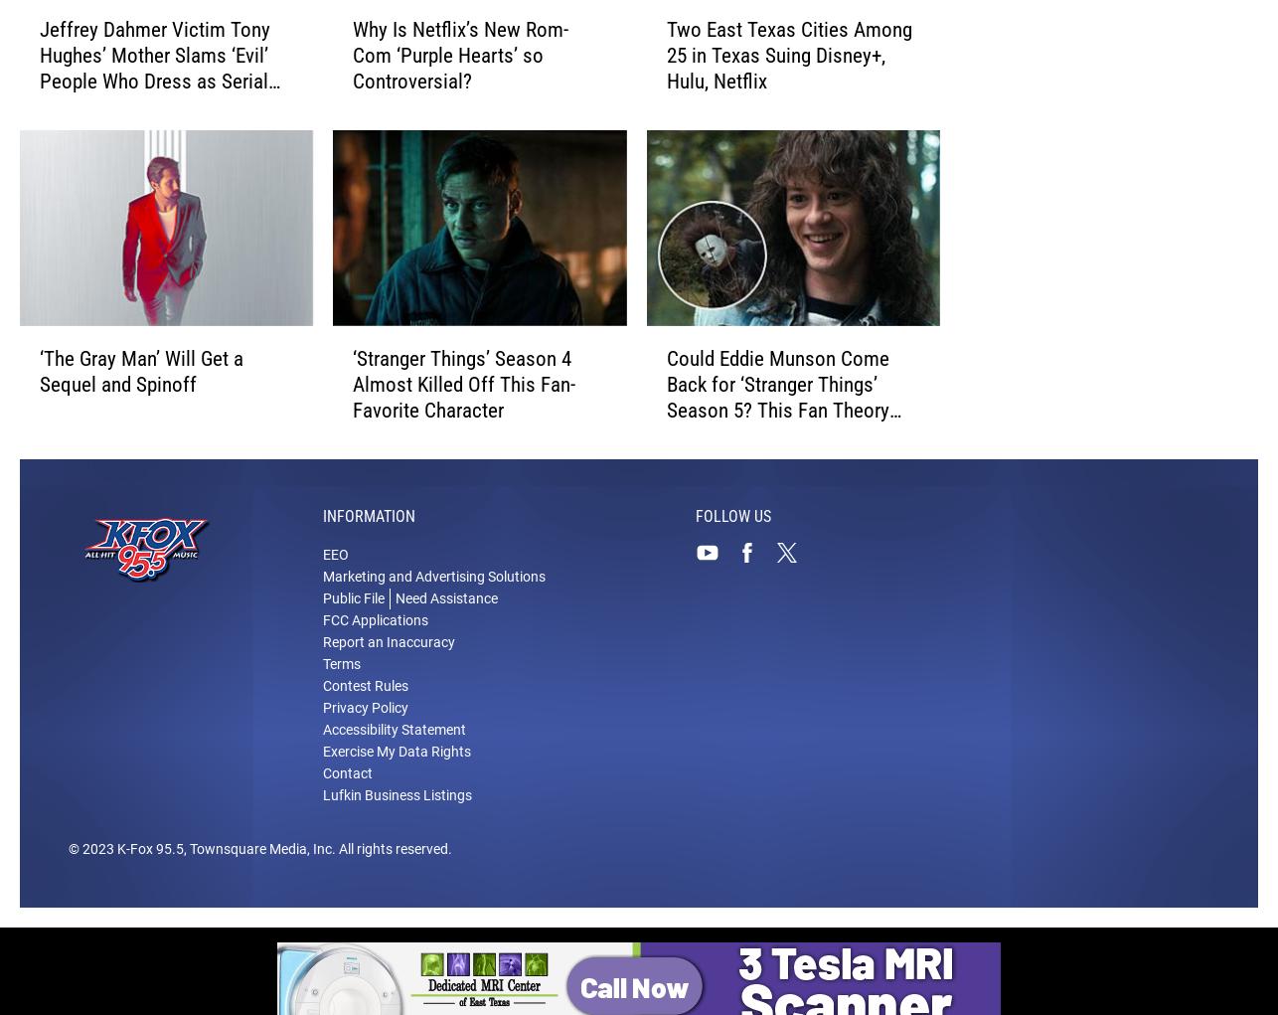  Describe the element at coordinates (154, 70) in the screenshot. I see `'Jeffrey Dahmer Victim Tony Hughes’ Mother Slams ‘Evil’ People Who Dress as Serial Killer for Halloween'` at that location.